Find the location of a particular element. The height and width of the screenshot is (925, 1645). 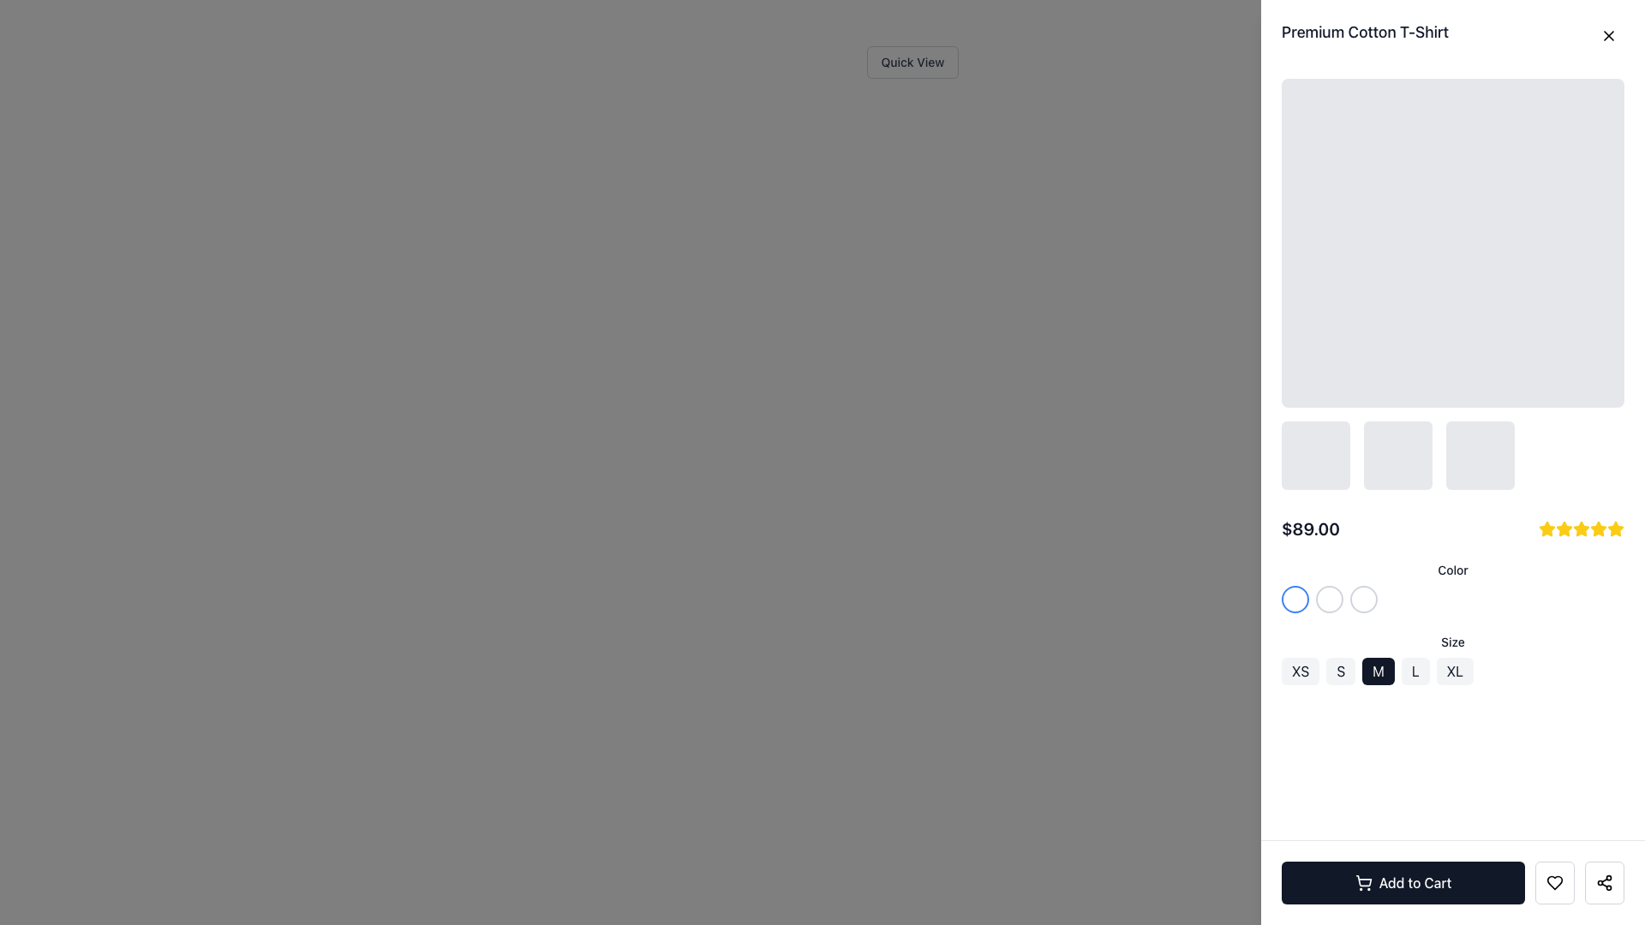

the 'Add to Cart' button, which is a rectangular button with rounded corners, dark gray background, and white text is located at coordinates (1403, 882).